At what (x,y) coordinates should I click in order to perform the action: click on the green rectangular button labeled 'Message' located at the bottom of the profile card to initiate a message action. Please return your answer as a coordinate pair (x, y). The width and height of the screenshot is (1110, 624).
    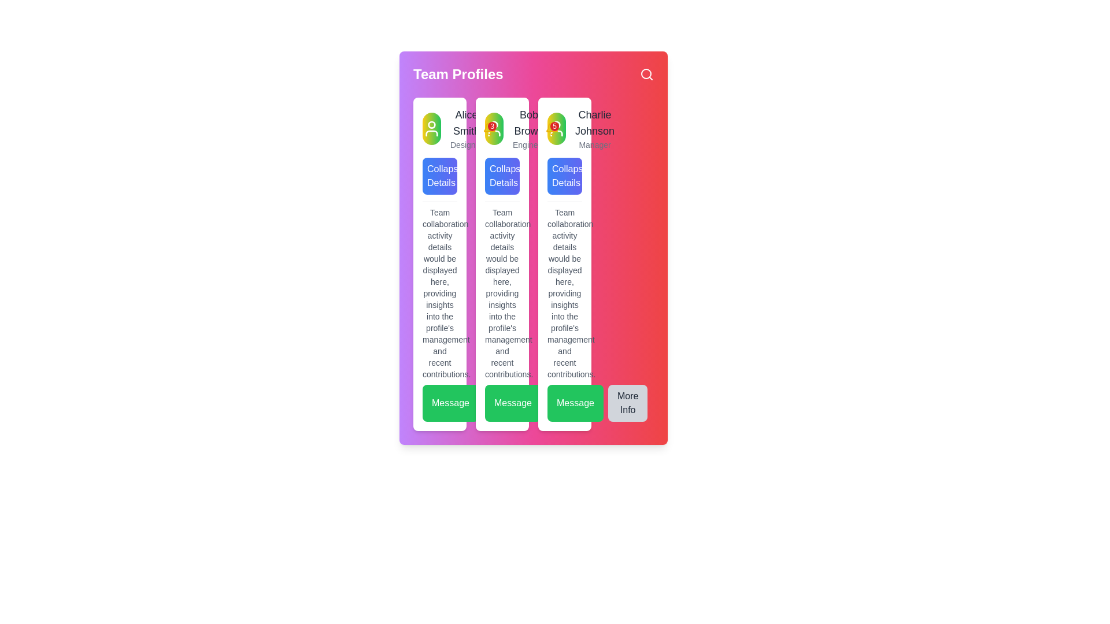
    Looking at the image, I should click on (512, 403).